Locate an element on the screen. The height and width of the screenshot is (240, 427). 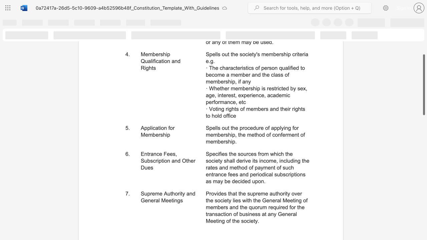
the subset text "rsh" within the text "Application for Membership" is located at coordinates (158, 135).